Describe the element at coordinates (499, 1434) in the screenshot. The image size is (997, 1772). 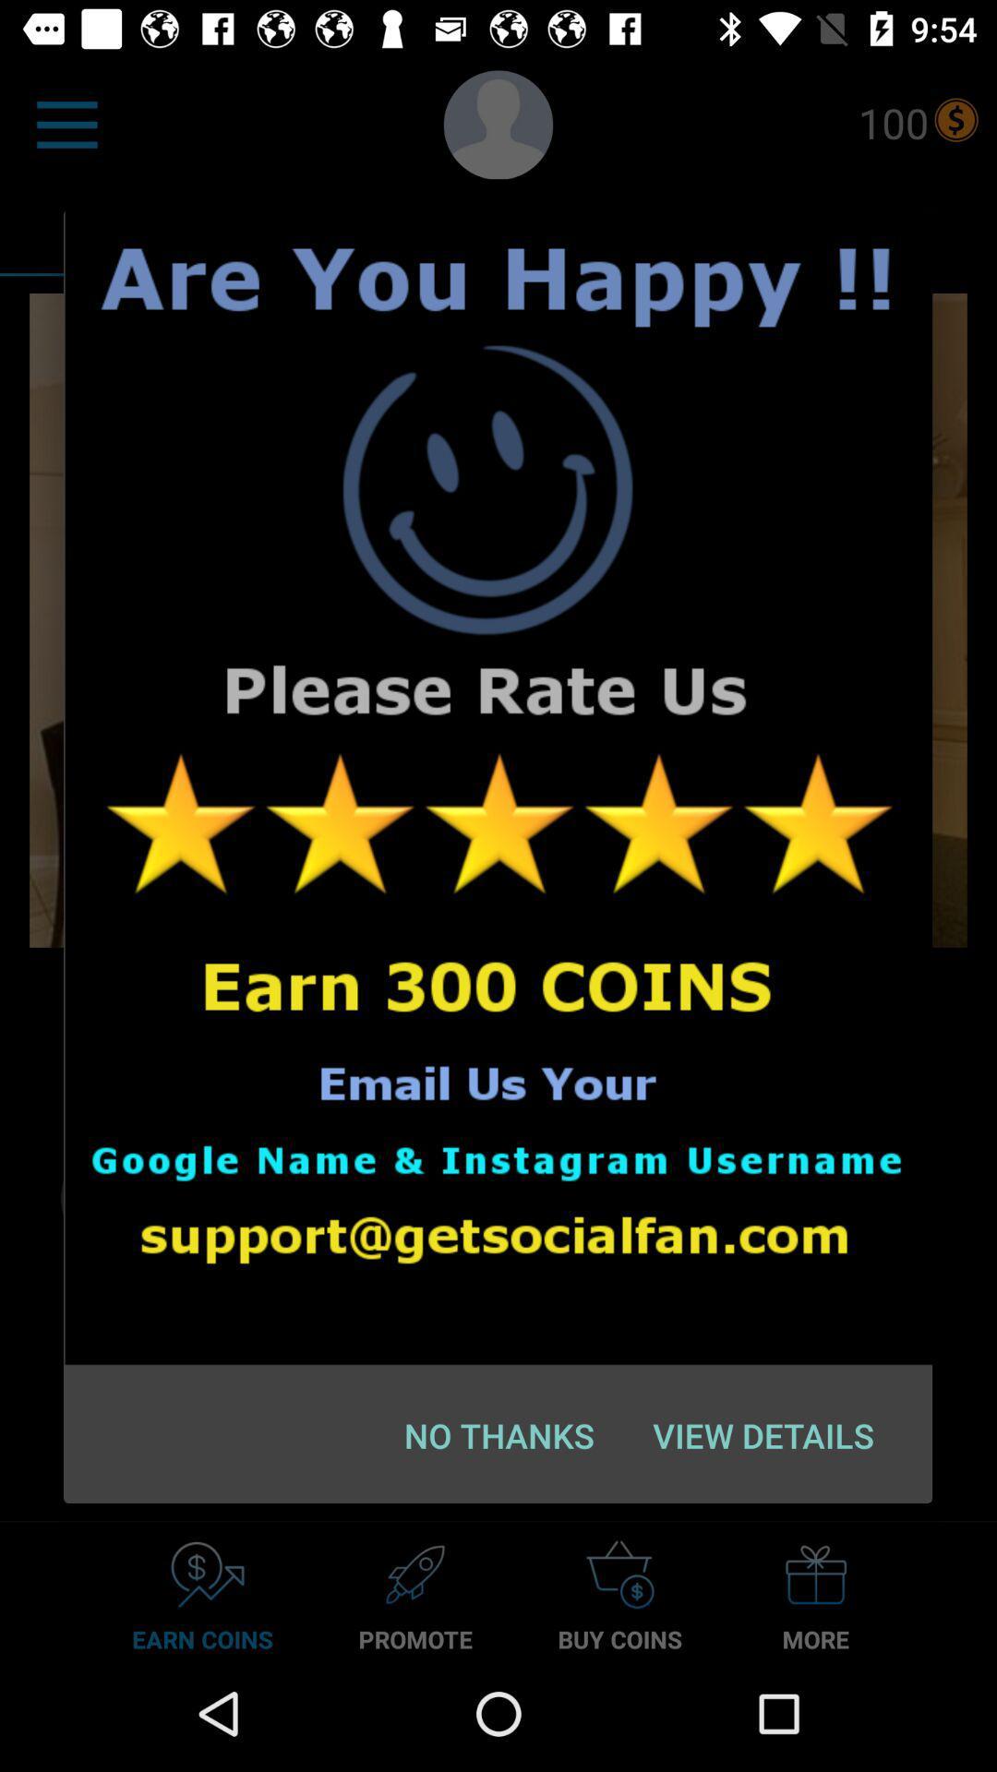
I see `the no thanks icon` at that location.